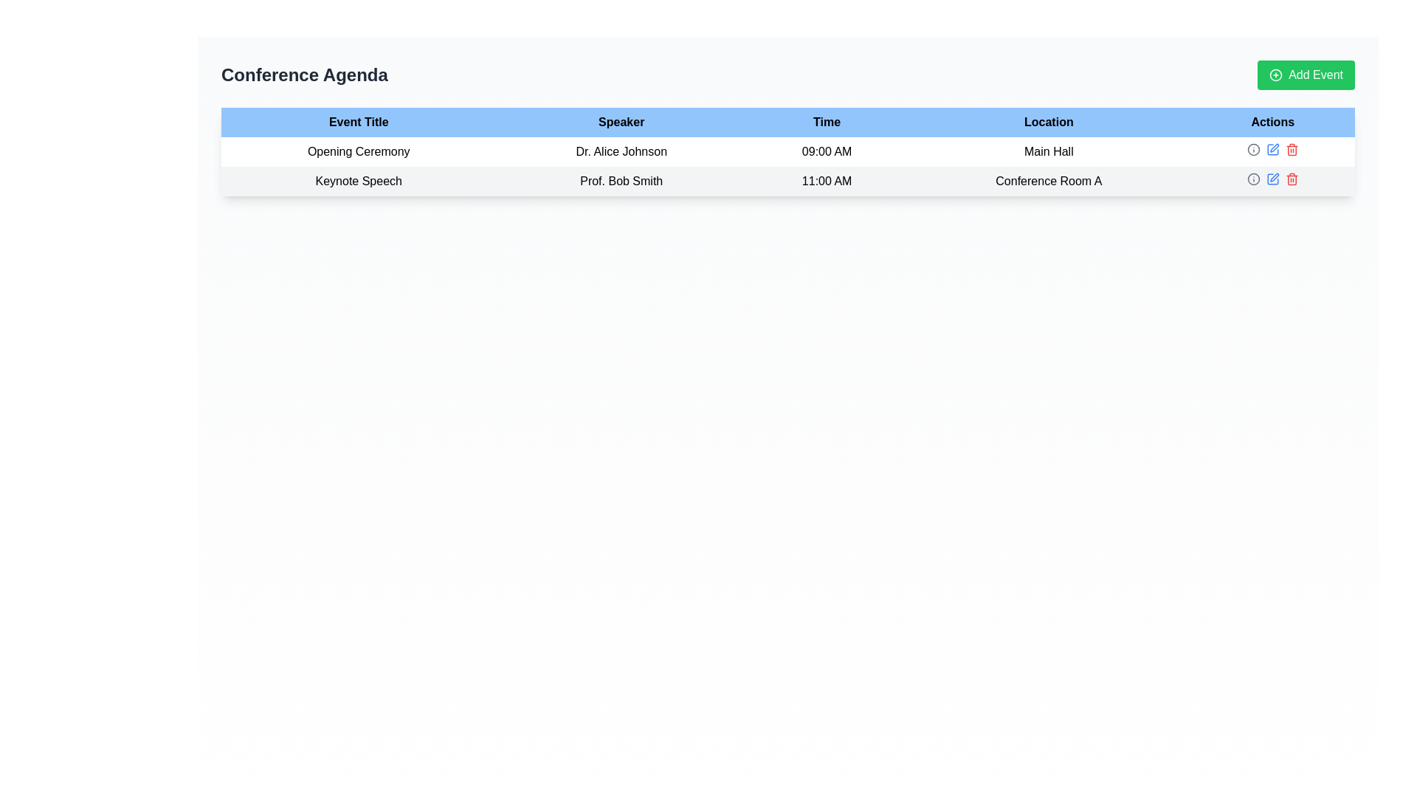 This screenshot has height=797, width=1417. What do you see at coordinates (1291, 179) in the screenshot?
I see `the delete button located in the 'Actions' column of the second row in the 'Conference Agenda' table to observe any hover effects` at bounding box center [1291, 179].